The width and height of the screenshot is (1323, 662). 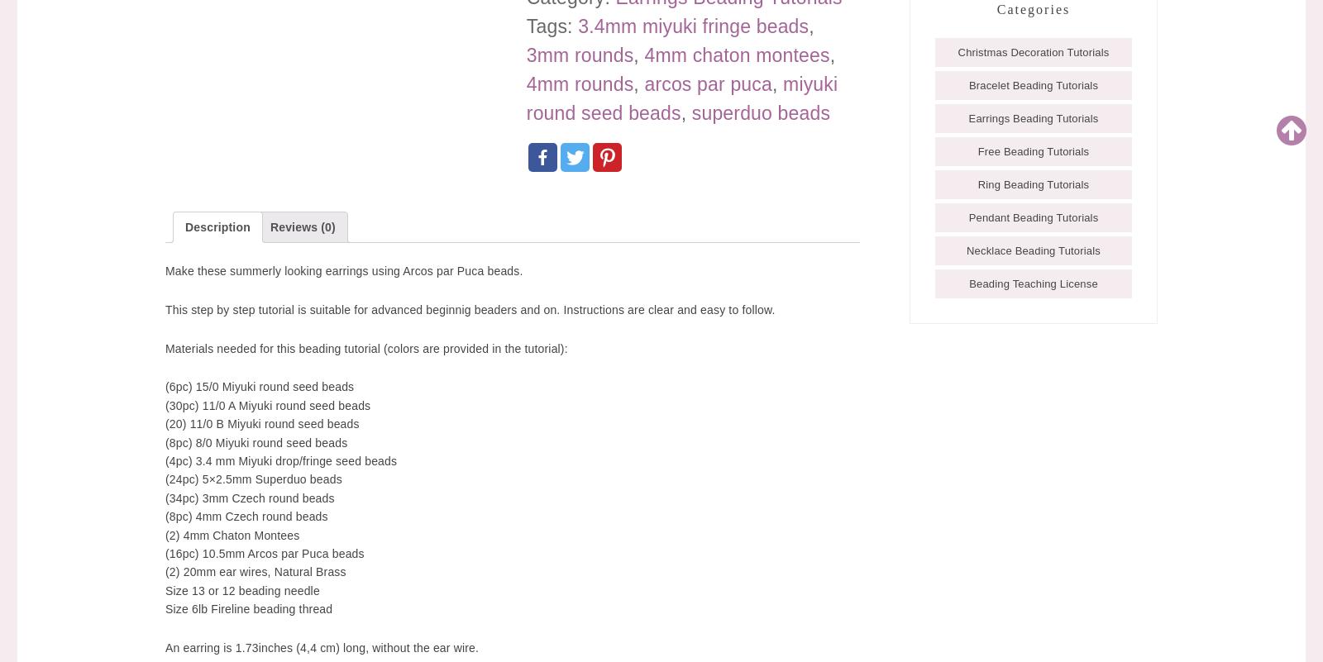 I want to click on 'Size 13 or 12 beading needle', so click(x=241, y=589).